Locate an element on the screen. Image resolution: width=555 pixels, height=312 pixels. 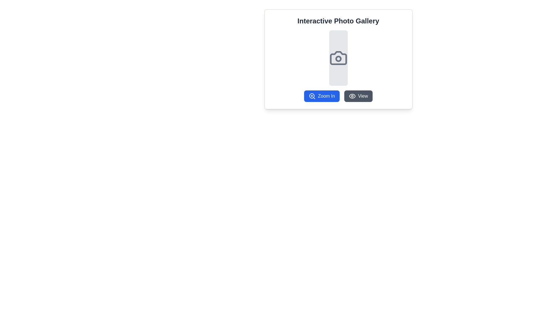
the decorative image or placeholder located below the 'Interactive Photo Gallery' header and above the 'Zoom In' and 'View' buttons is located at coordinates (338, 58).